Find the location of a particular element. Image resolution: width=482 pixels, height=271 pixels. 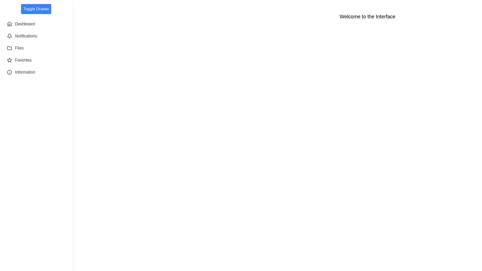

the icon corresponding to the Favorites in the sidebar is located at coordinates (10, 60).